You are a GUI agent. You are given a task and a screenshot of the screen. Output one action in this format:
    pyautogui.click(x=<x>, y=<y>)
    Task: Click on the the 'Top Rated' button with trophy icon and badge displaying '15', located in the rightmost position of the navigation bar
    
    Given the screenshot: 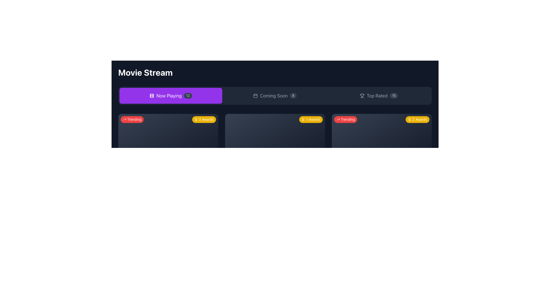 What is the action you would take?
    pyautogui.click(x=379, y=95)
    